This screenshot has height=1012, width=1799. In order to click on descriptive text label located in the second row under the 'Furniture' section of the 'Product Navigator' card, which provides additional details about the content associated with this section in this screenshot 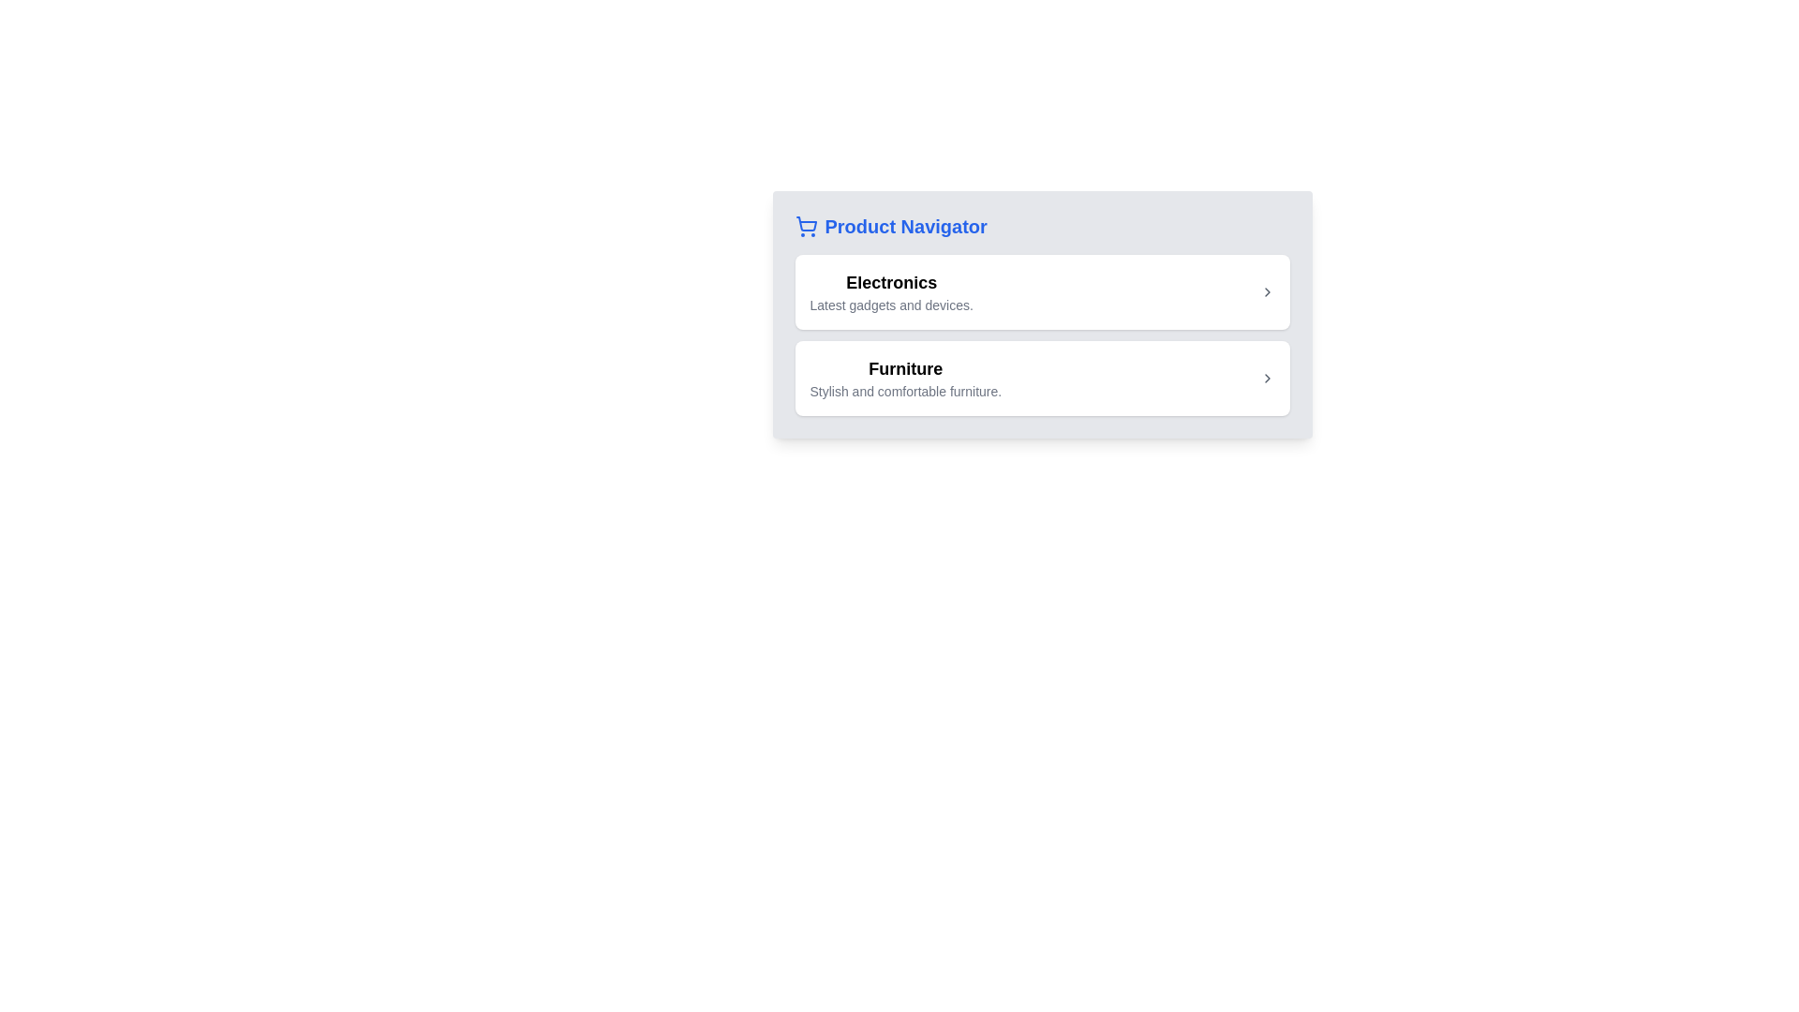, I will do `click(905, 390)`.